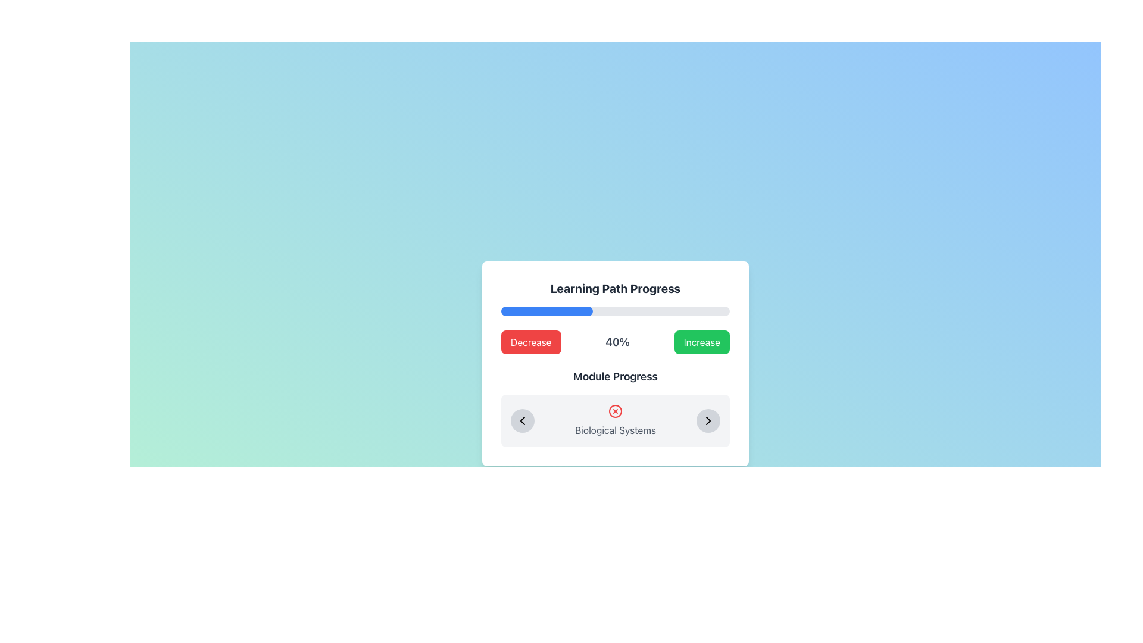 Image resolution: width=1143 pixels, height=643 pixels. I want to click on the text label displaying '40%' that is centrally positioned between the 'Decrease' and 'Increase' buttons, so click(617, 342).